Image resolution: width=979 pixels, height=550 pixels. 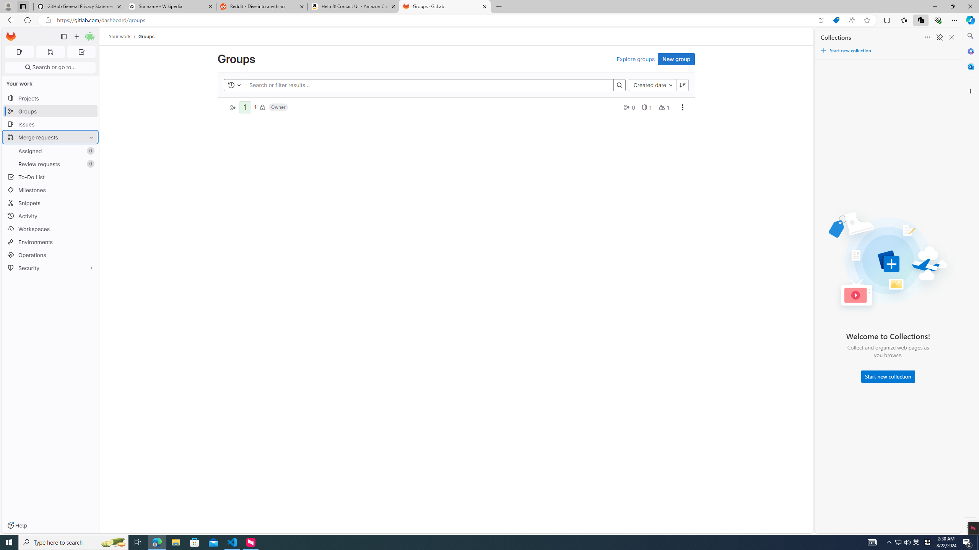 What do you see at coordinates (146, 36) in the screenshot?
I see `'Groups'` at bounding box center [146, 36].